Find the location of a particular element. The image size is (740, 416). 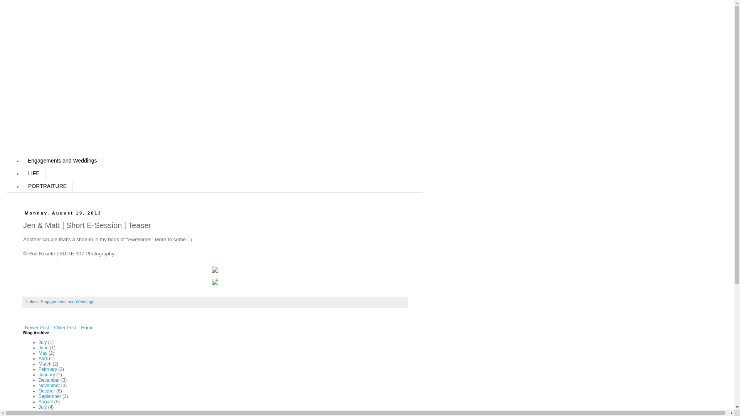

'PORTRAITURE' is located at coordinates (22, 186).